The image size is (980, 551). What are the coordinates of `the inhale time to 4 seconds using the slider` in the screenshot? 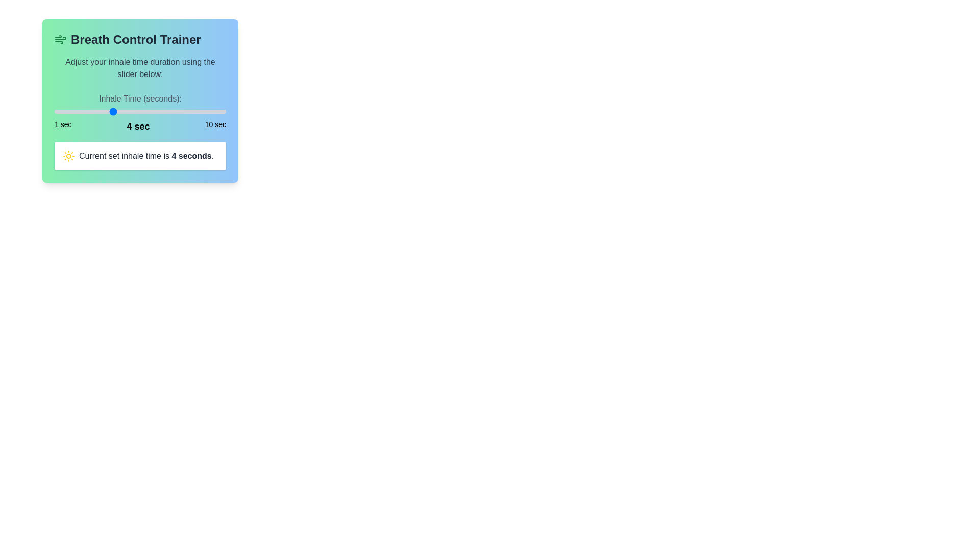 It's located at (112, 112).